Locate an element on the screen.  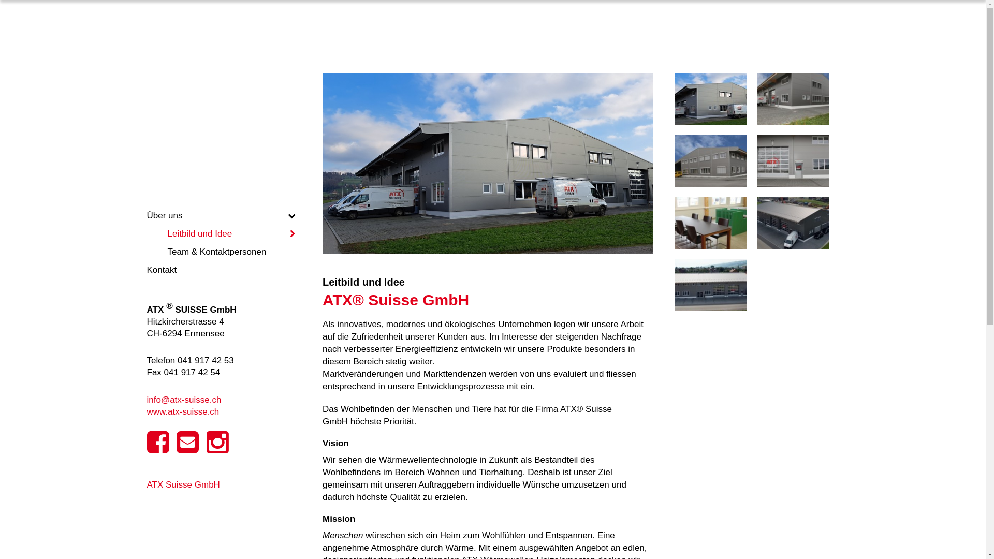
'Team & Kontaktpersonen' is located at coordinates (168, 252).